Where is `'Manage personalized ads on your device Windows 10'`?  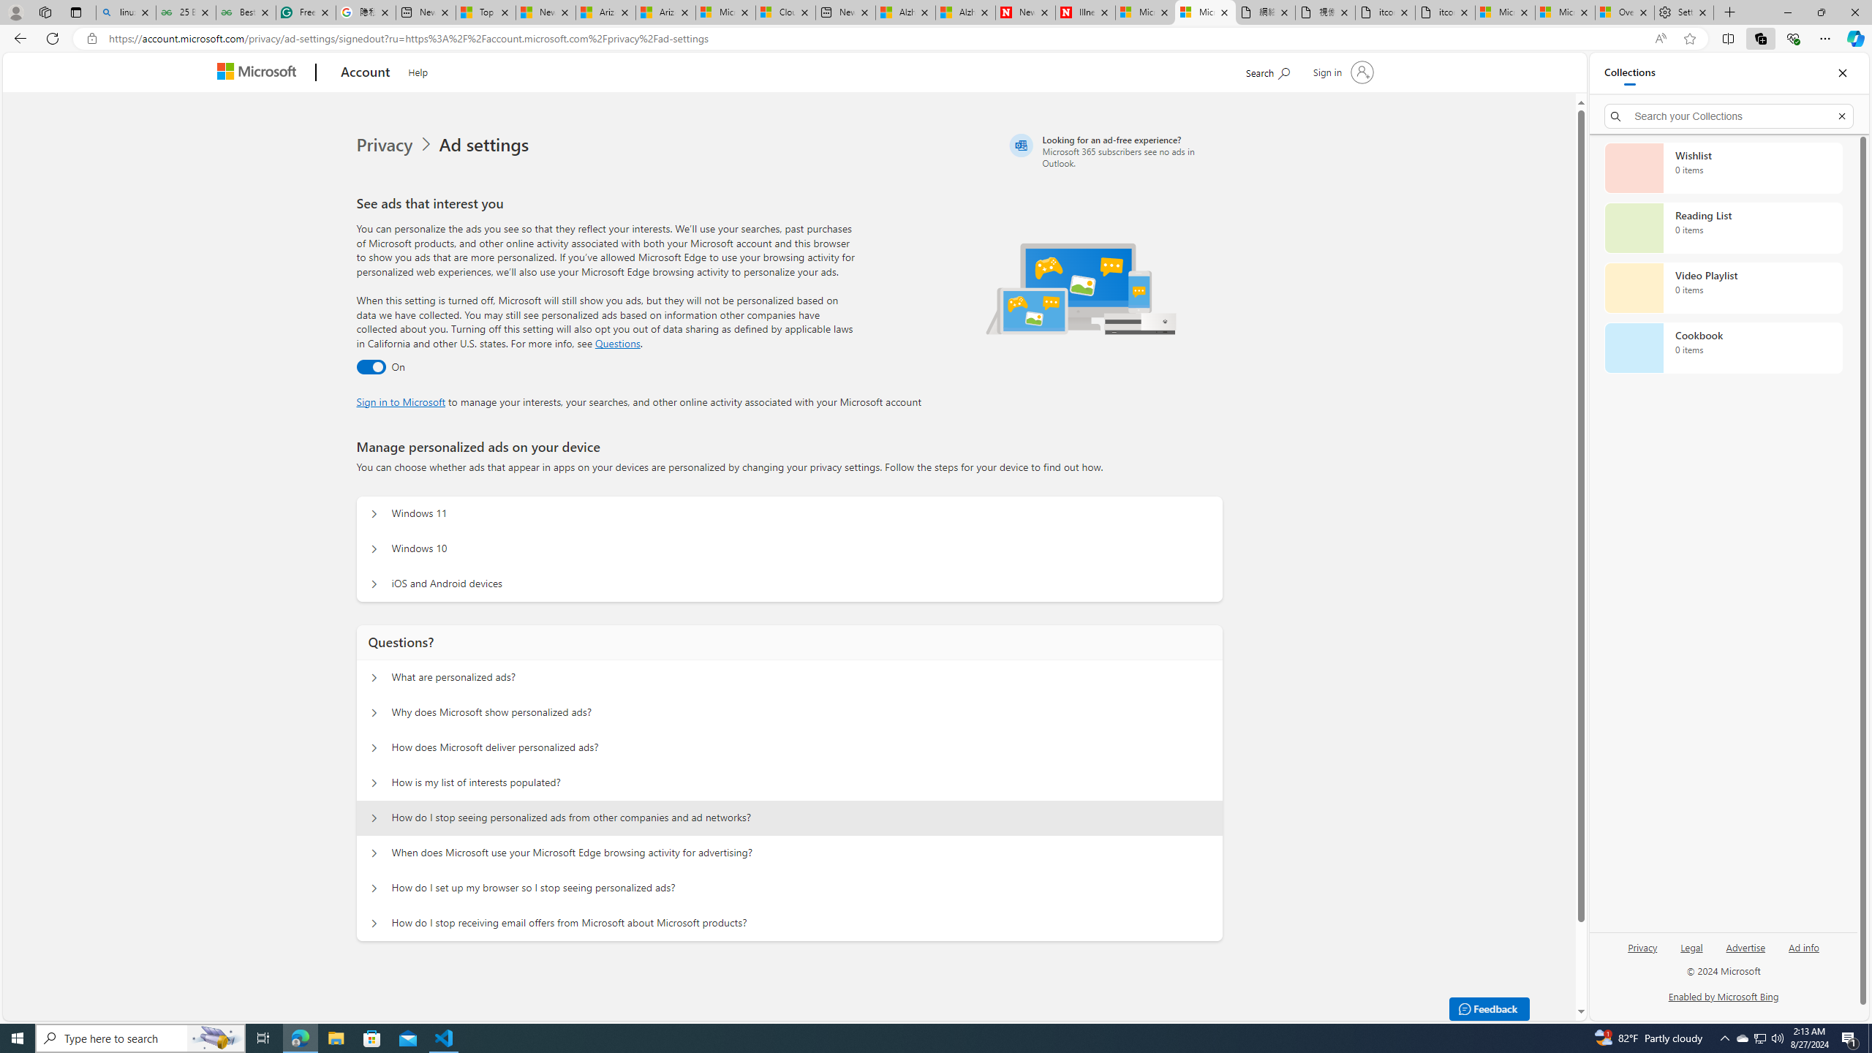
'Manage personalized ads on your device Windows 10' is located at coordinates (372, 548).